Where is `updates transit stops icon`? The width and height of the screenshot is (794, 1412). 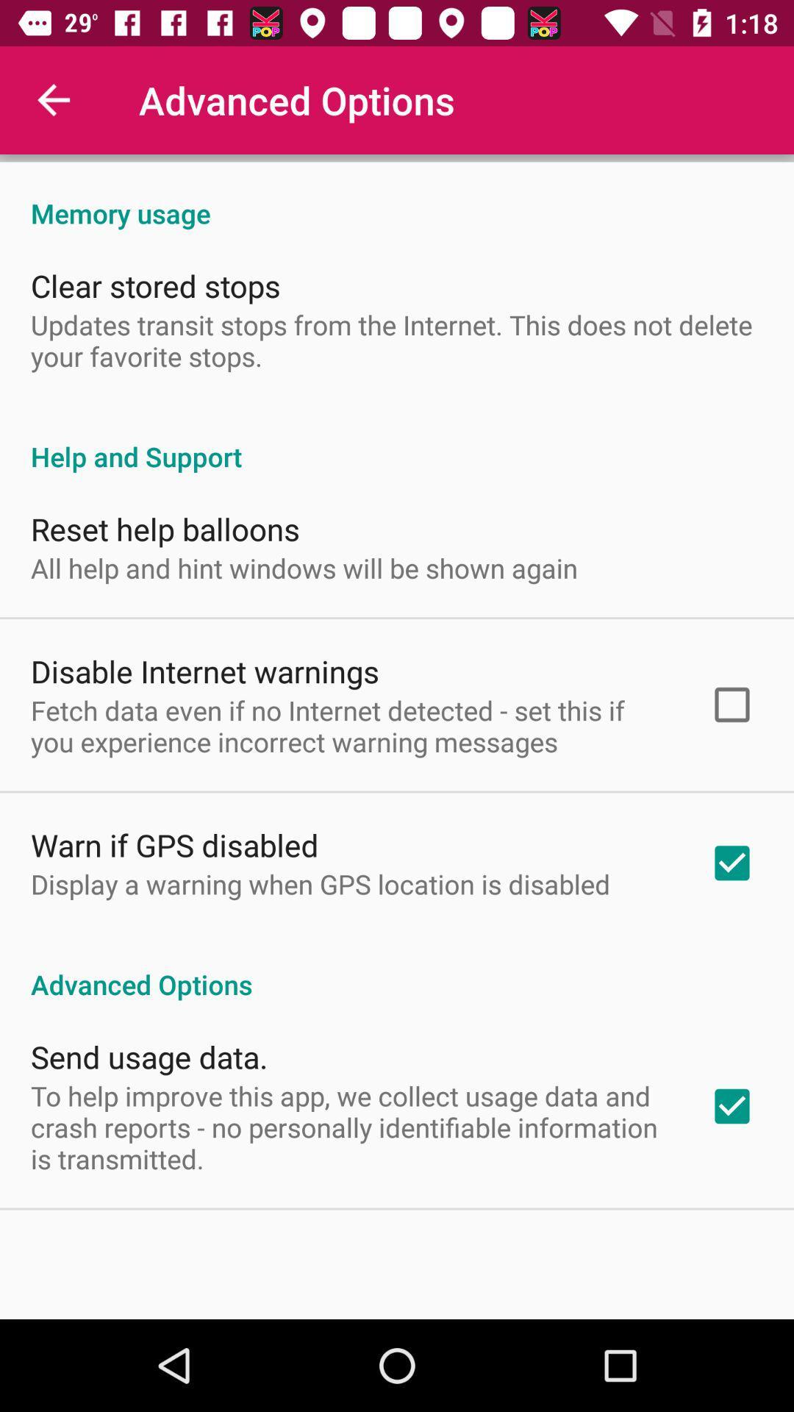 updates transit stops icon is located at coordinates (397, 340).